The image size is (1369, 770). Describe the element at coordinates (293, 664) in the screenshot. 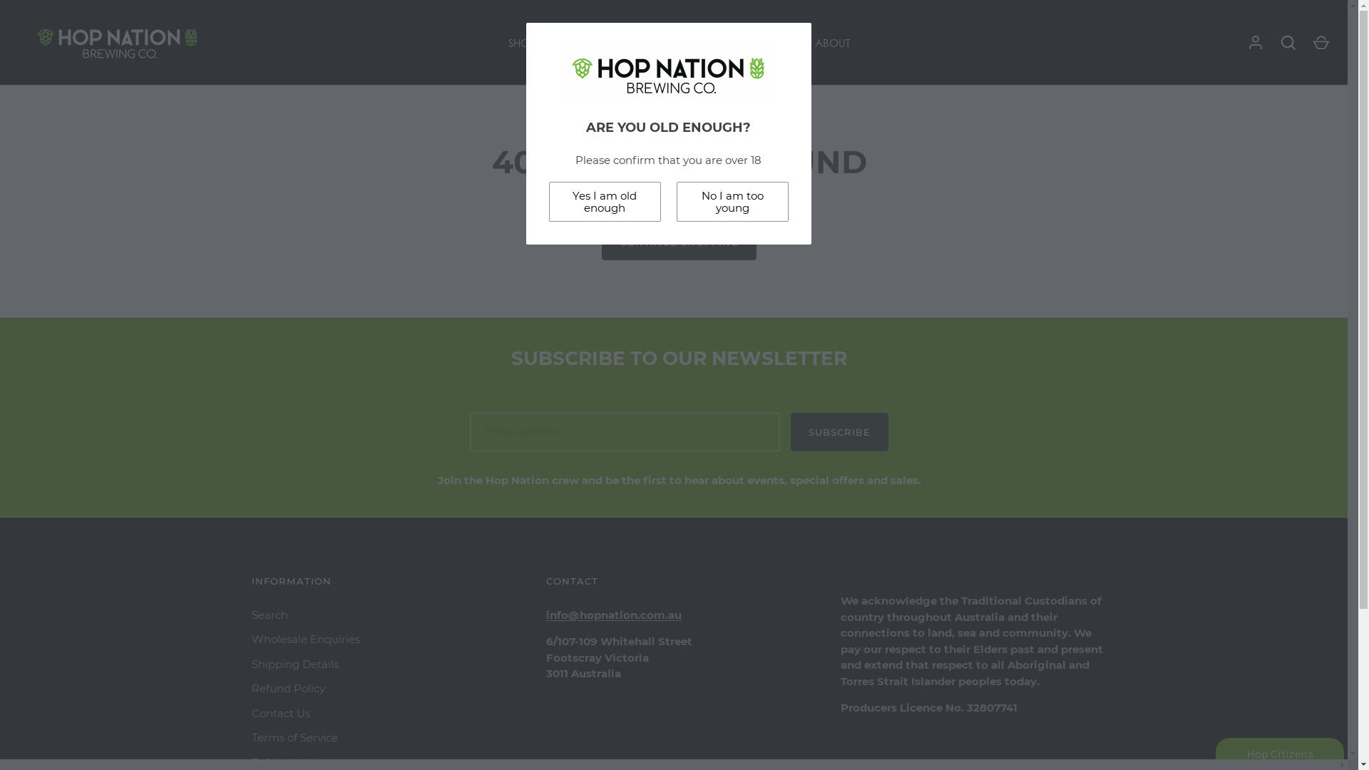

I see `'Shipping Details'` at that location.